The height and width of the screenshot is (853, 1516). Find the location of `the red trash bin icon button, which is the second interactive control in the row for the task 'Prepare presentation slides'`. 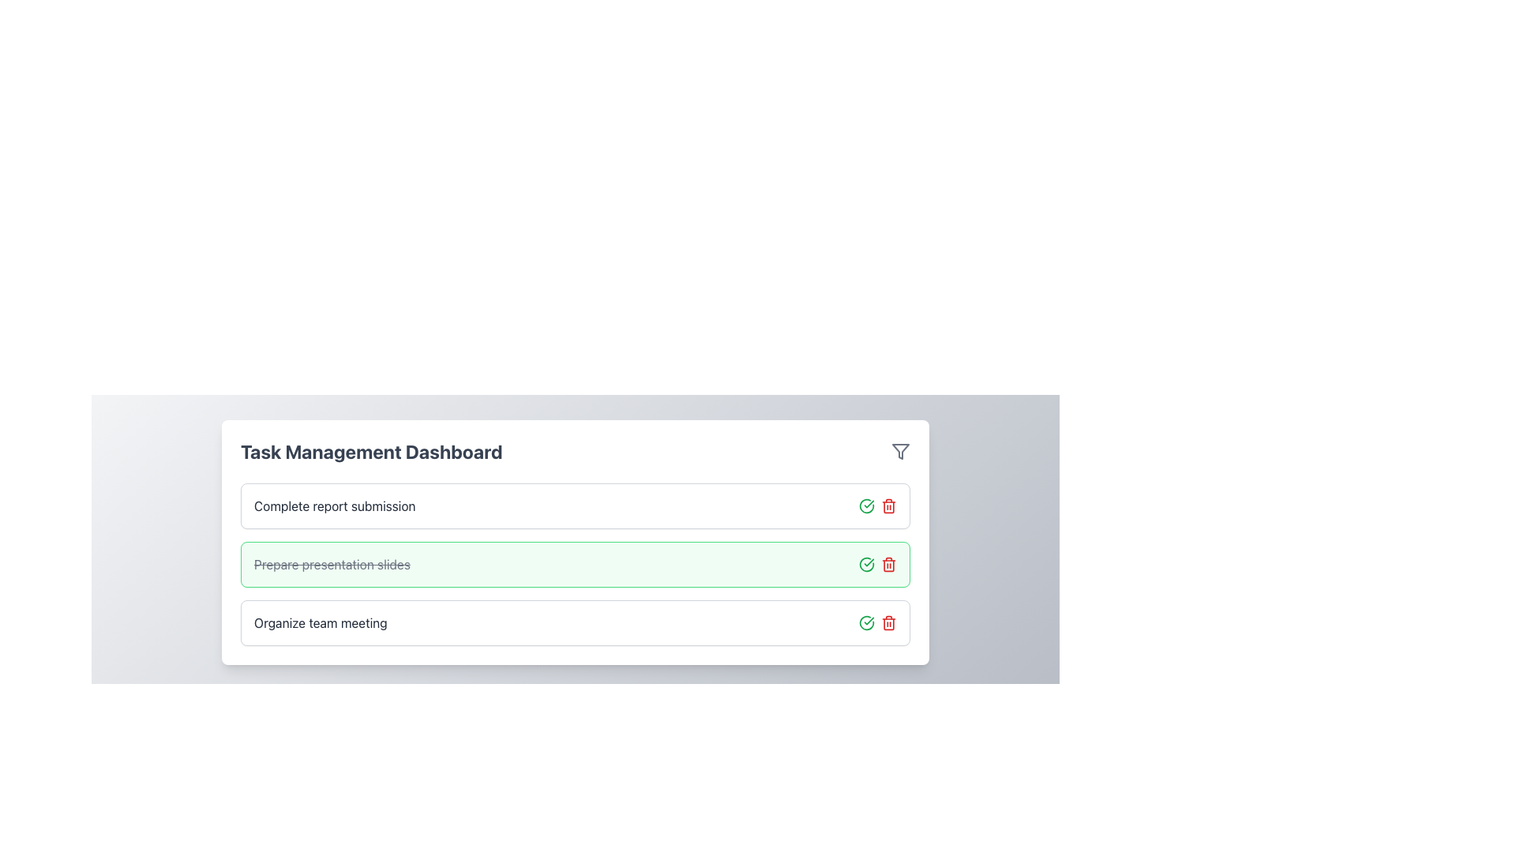

the red trash bin icon button, which is the second interactive control in the row for the task 'Prepare presentation slides' is located at coordinates (889, 505).